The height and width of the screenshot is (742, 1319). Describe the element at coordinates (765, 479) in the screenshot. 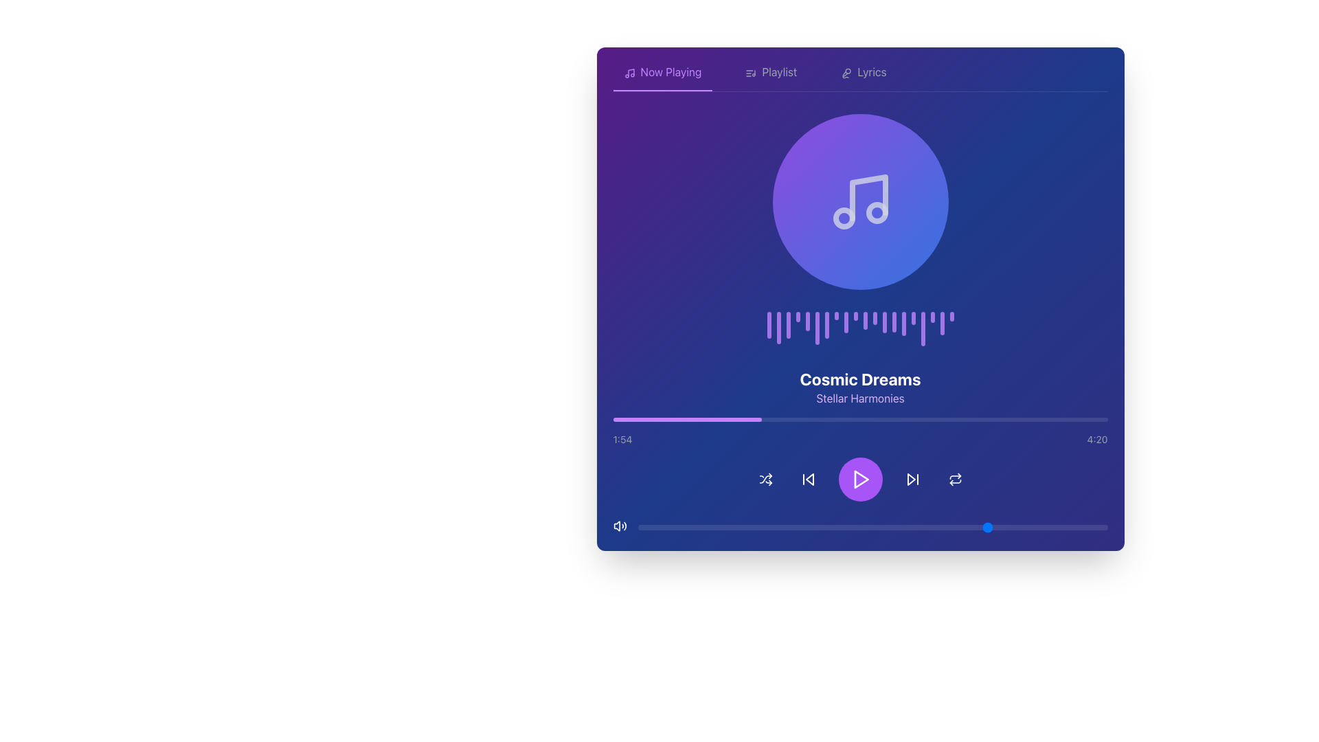

I see `the shuffle toggle button, which is the first interactive icon on the bottom control bar of the music player` at that location.